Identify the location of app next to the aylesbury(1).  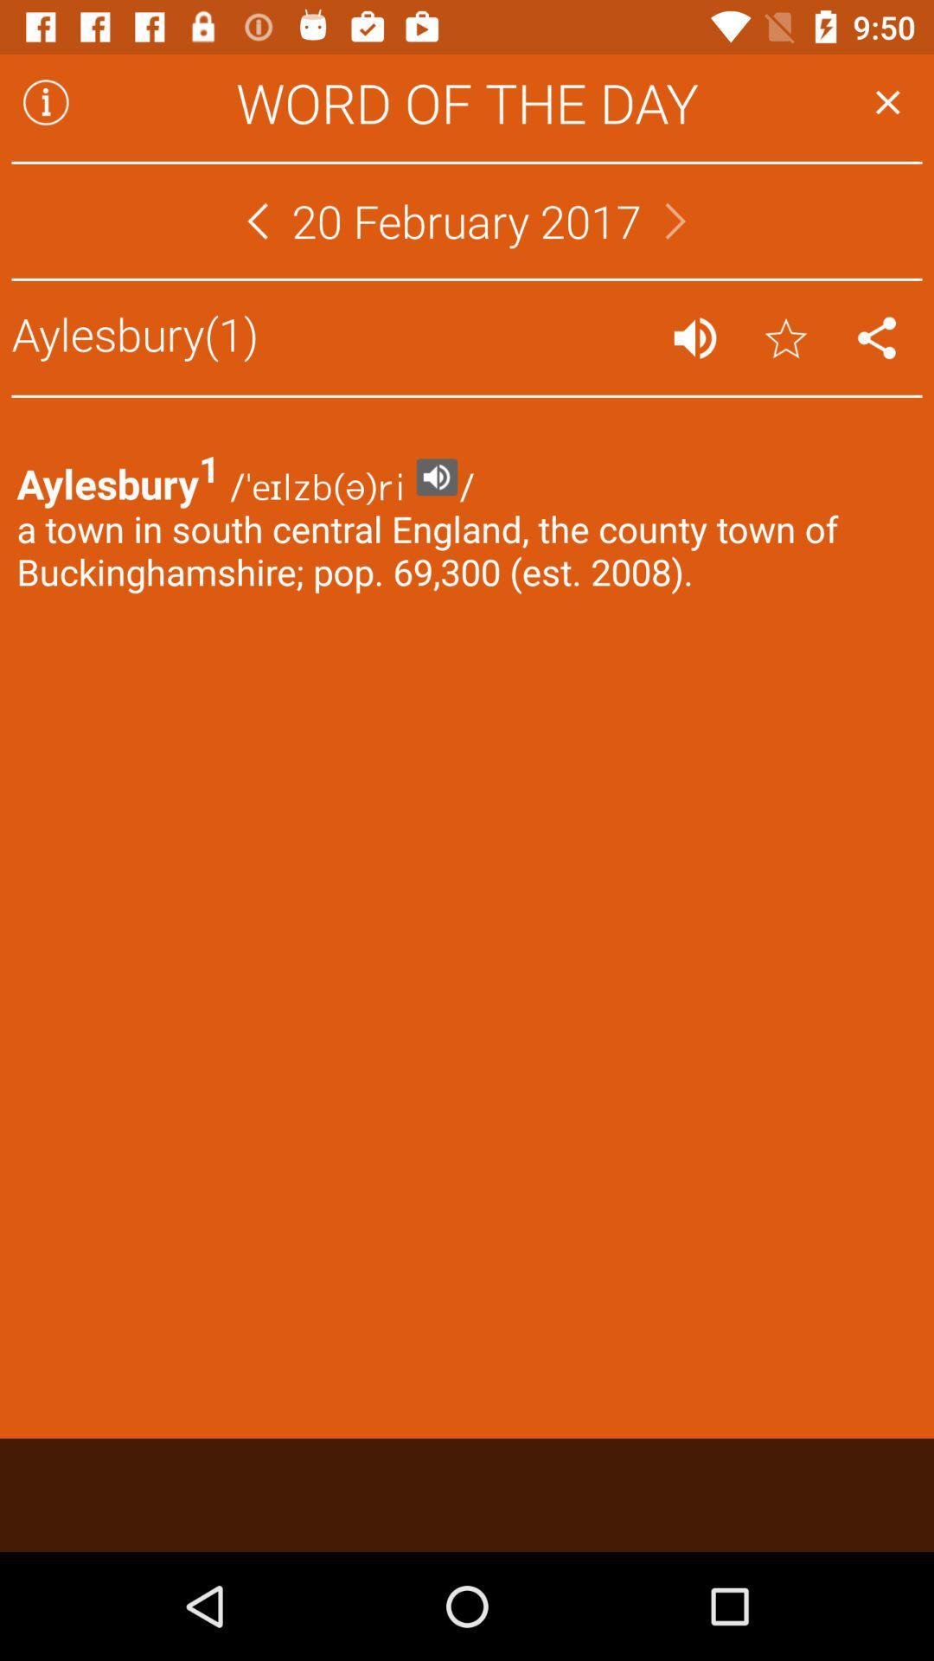
(694, 337).